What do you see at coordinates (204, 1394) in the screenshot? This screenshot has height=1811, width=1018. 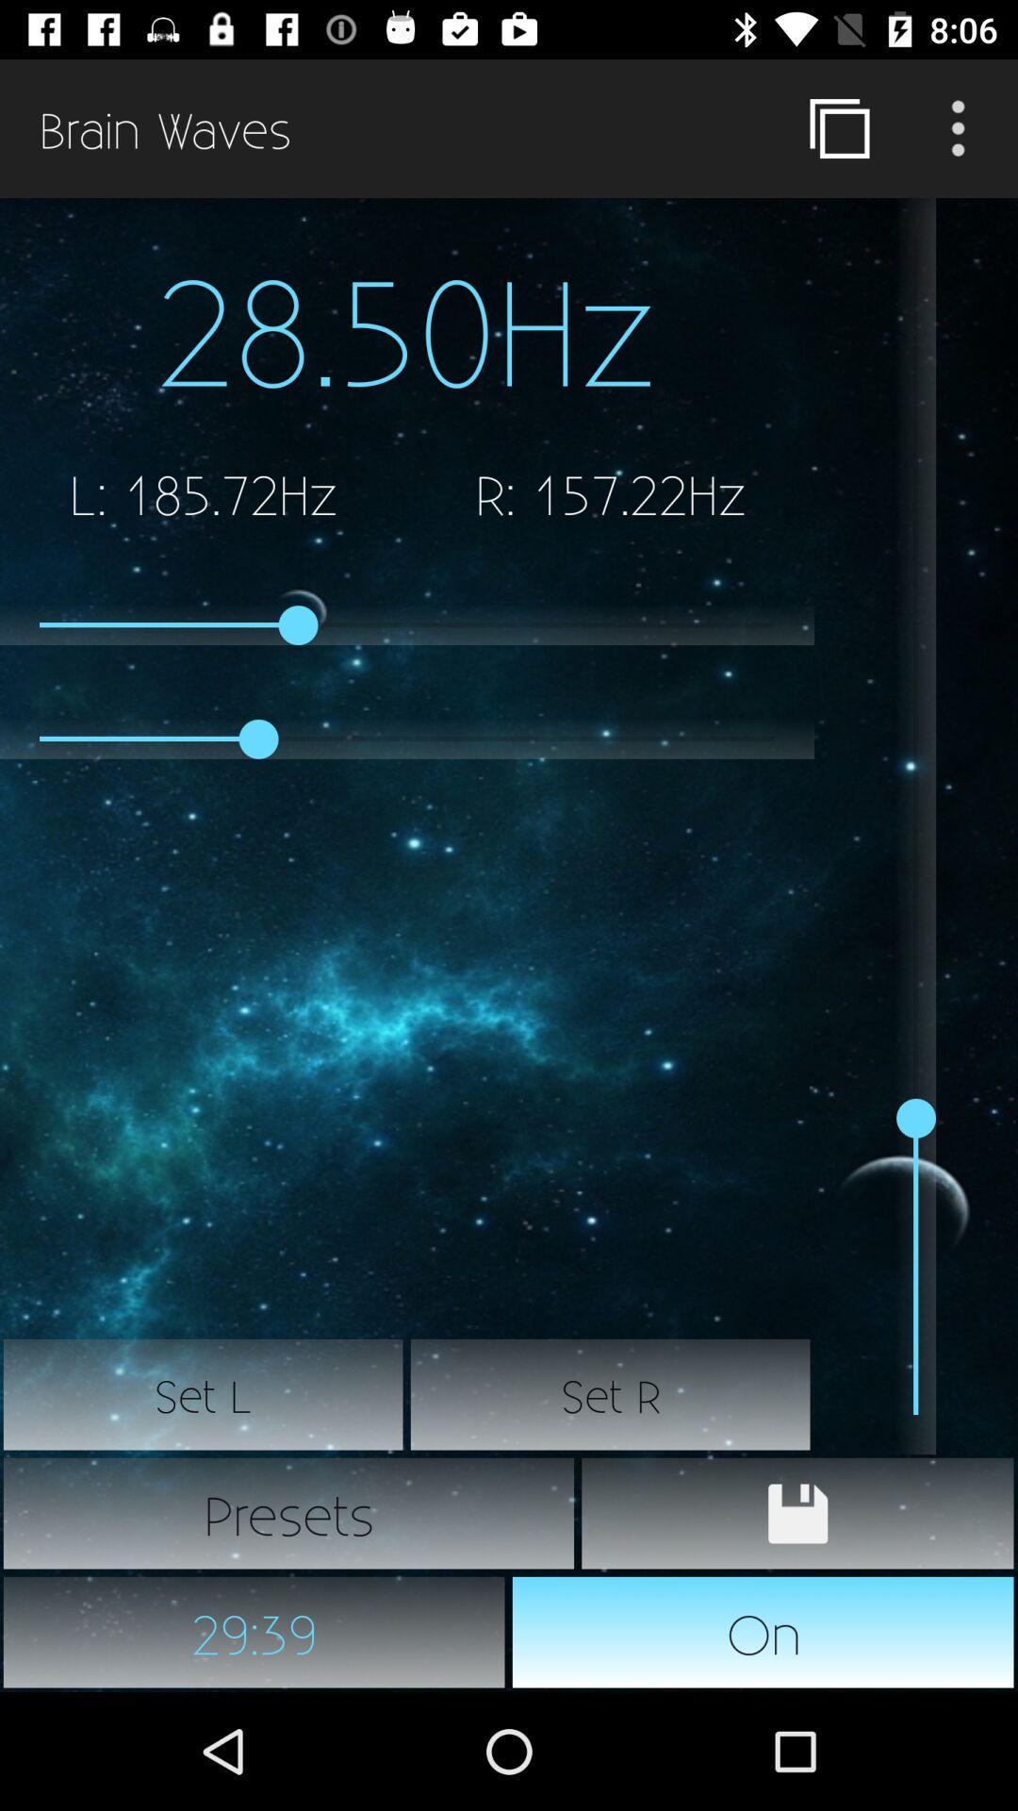 I see `icon to the left of set r icon` at bounding box center [204, 1394].